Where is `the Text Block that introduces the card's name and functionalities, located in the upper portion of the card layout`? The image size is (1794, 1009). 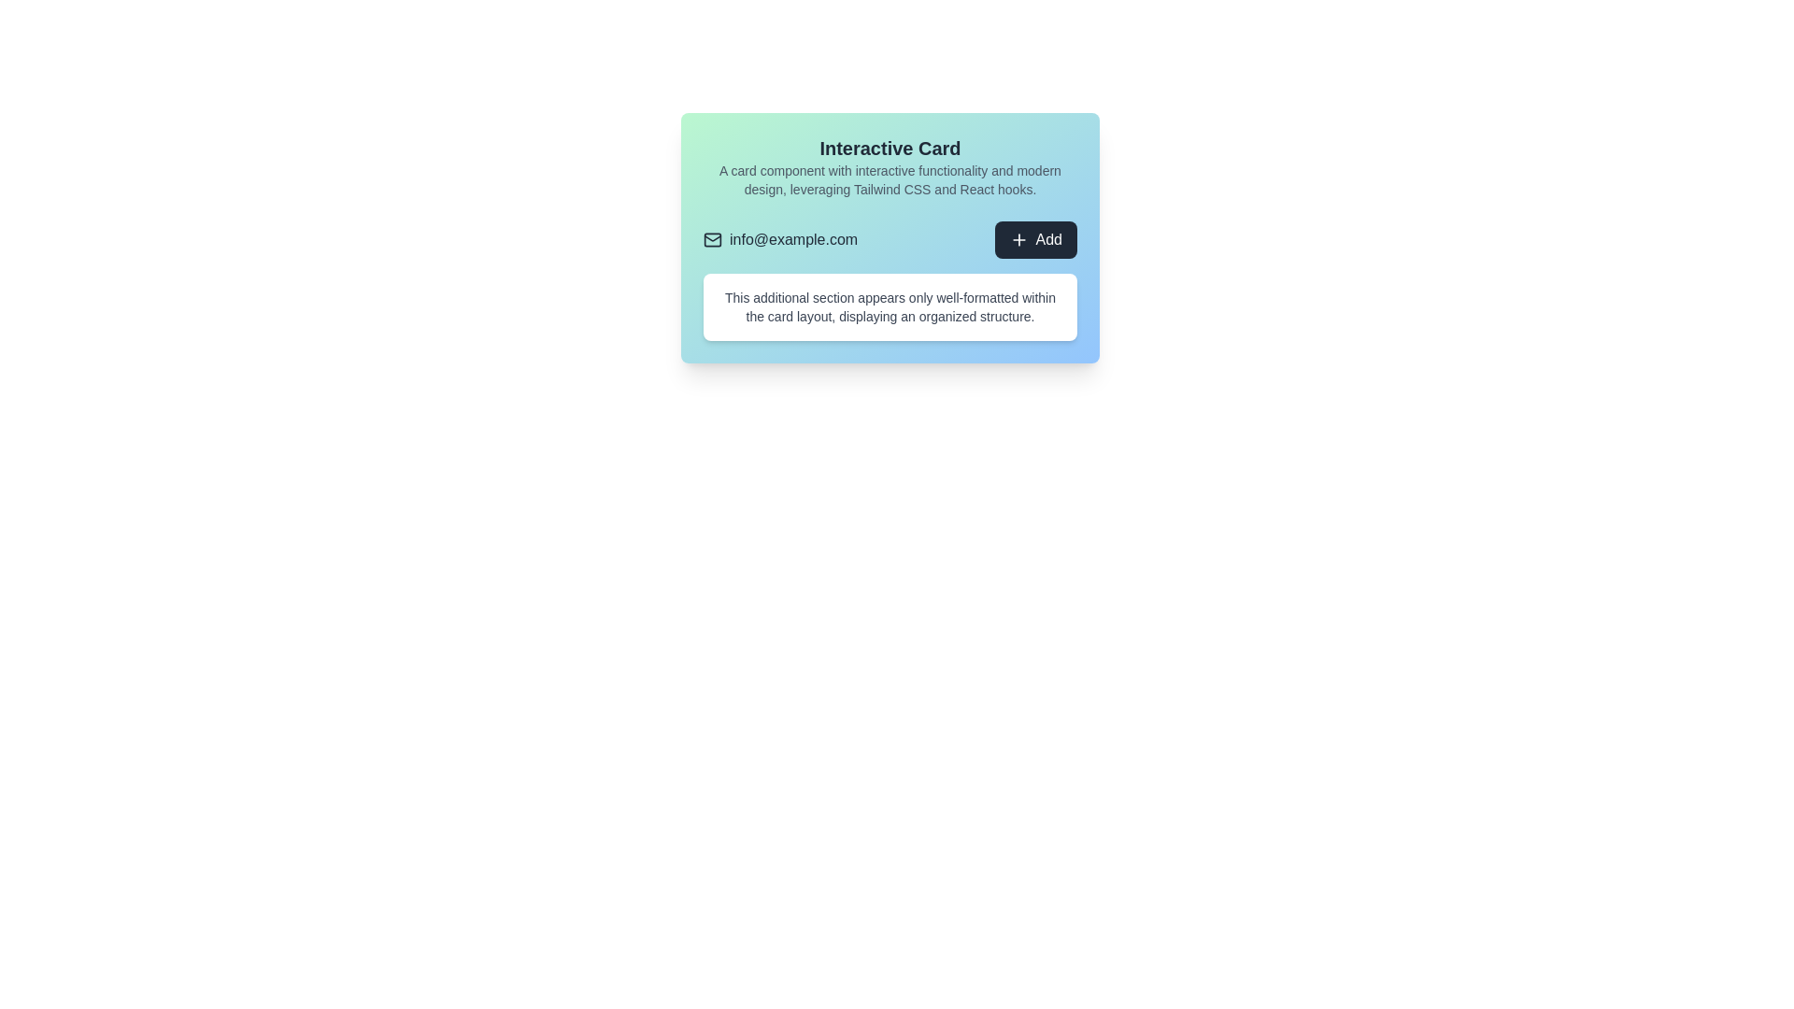
the Text Block that introduces the card's name and functionalities, located in the upper portion of the card layout is located at coordinates (890, 165).